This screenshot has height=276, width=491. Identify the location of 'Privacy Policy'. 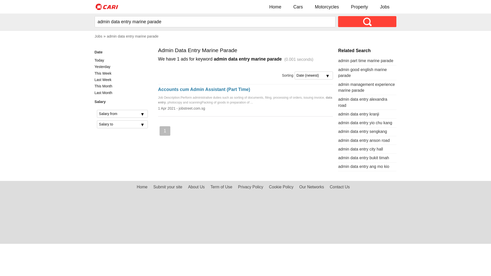
(251, 187).